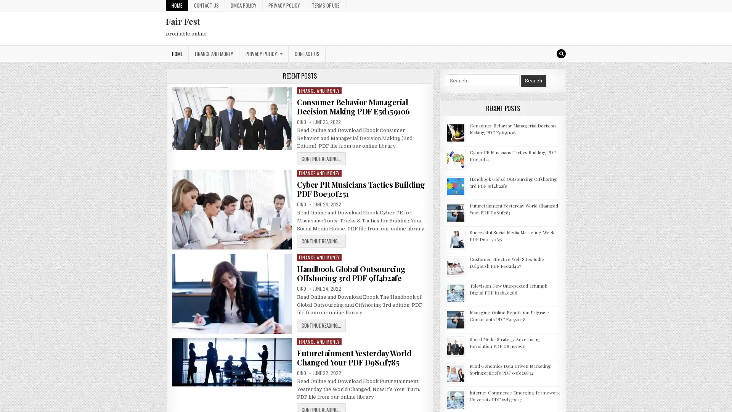 Image resolution: width=732 pixels, height=412 pixels. I want to click on Search, so click(533, 80).